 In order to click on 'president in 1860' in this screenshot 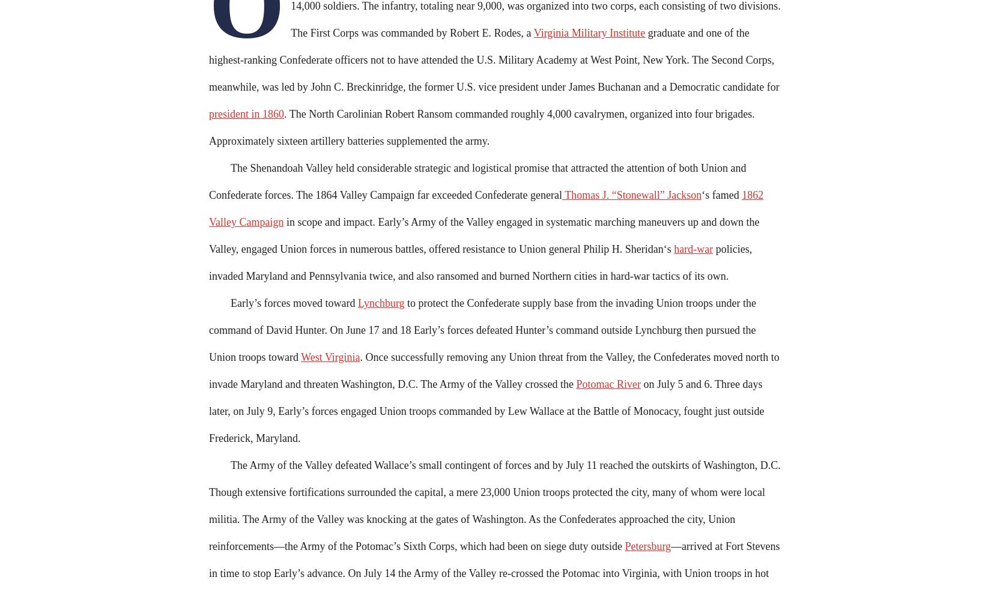, I will do `click(246, 113)`.